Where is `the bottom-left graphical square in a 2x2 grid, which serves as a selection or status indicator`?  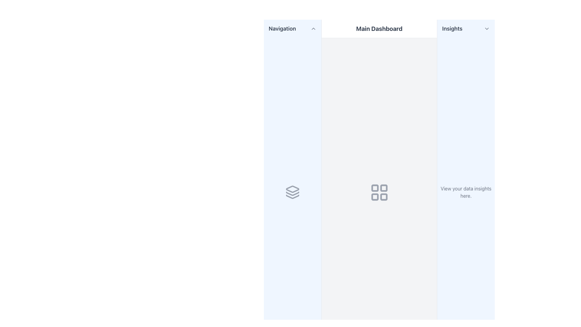 the bottom-left graphical square in a 2x2 grid, which serves as a selection or status indicator is located at coordinates (374, 197).